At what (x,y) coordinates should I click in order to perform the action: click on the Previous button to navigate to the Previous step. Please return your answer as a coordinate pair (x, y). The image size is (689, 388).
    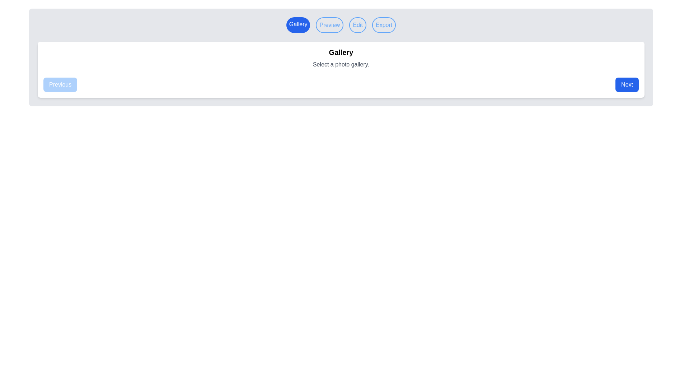
    Looking at the image, I should click on (60, 84).